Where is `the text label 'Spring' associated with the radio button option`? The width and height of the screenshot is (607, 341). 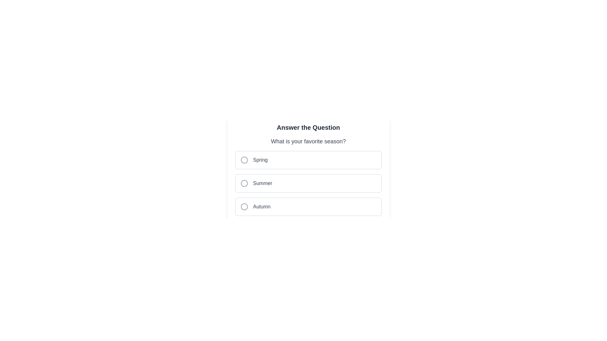 the text label 'Spring' associated with the radio button option is located at coordinates (260, 159).